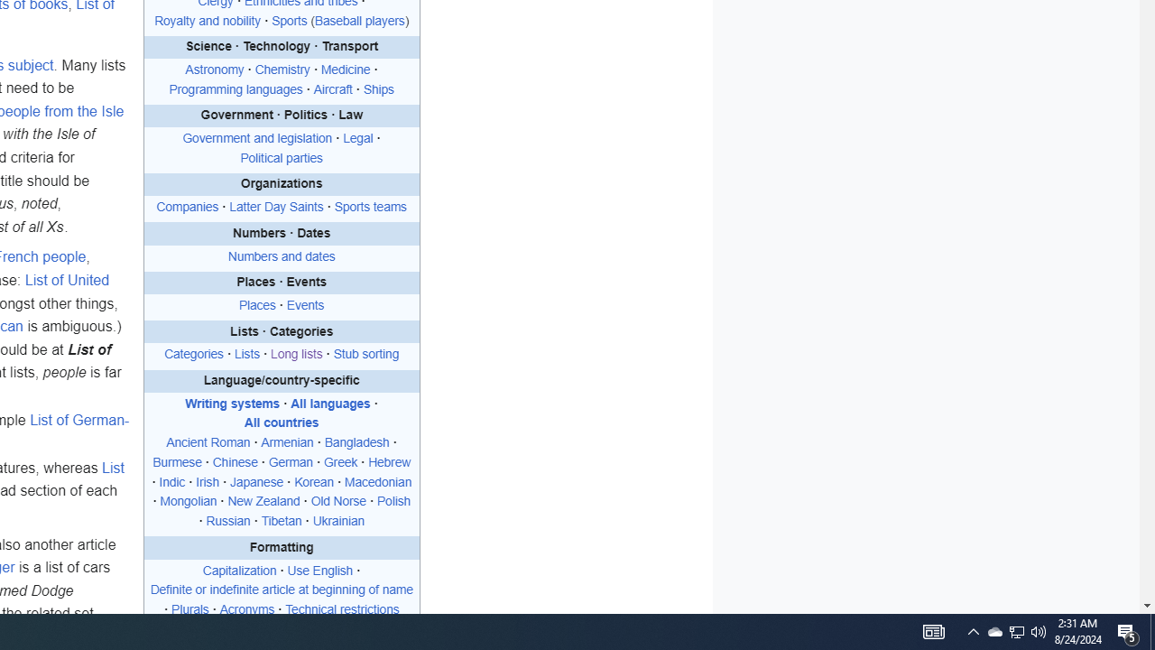 This screenshot has width=1155, height=650. What do you see at coordinates (369, 207) in the screenshot?
I see `'Sports teams'` at bounding box center [369, 207].